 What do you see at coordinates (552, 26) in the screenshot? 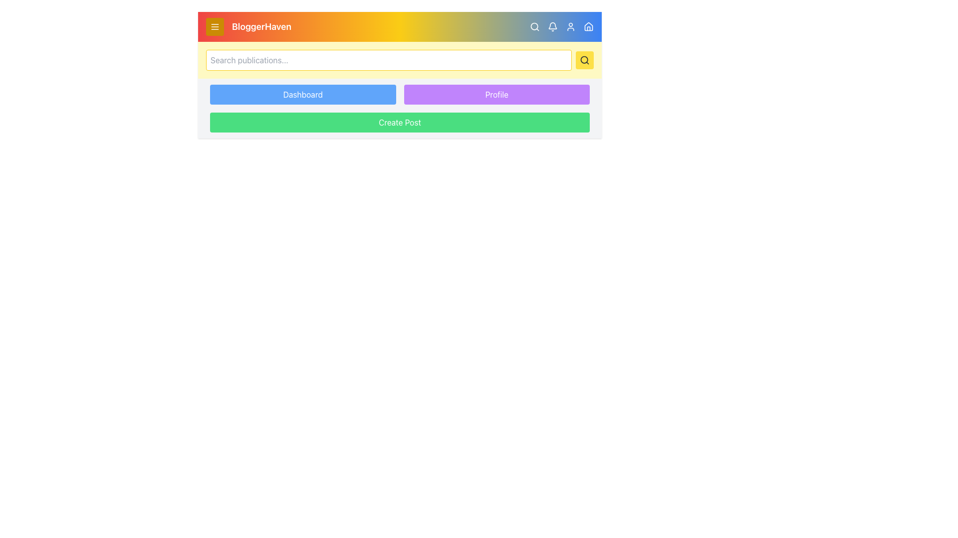
I see `the bell icon, which is the third interactive element in the top-right section of the navigation bar` at bounding box center [552, 26].